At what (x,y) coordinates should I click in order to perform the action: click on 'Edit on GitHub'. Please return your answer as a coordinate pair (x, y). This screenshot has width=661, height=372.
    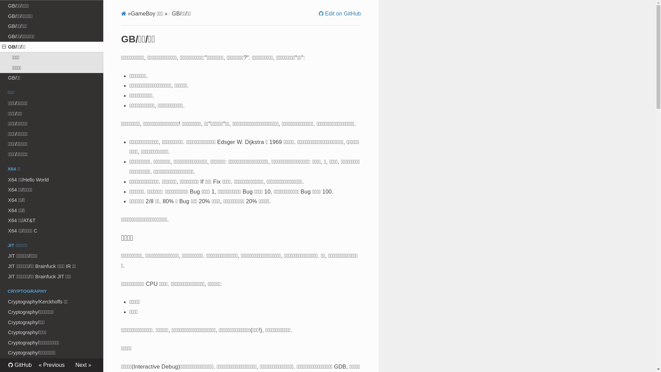
    Looking at the image, I should click on (340, 13).